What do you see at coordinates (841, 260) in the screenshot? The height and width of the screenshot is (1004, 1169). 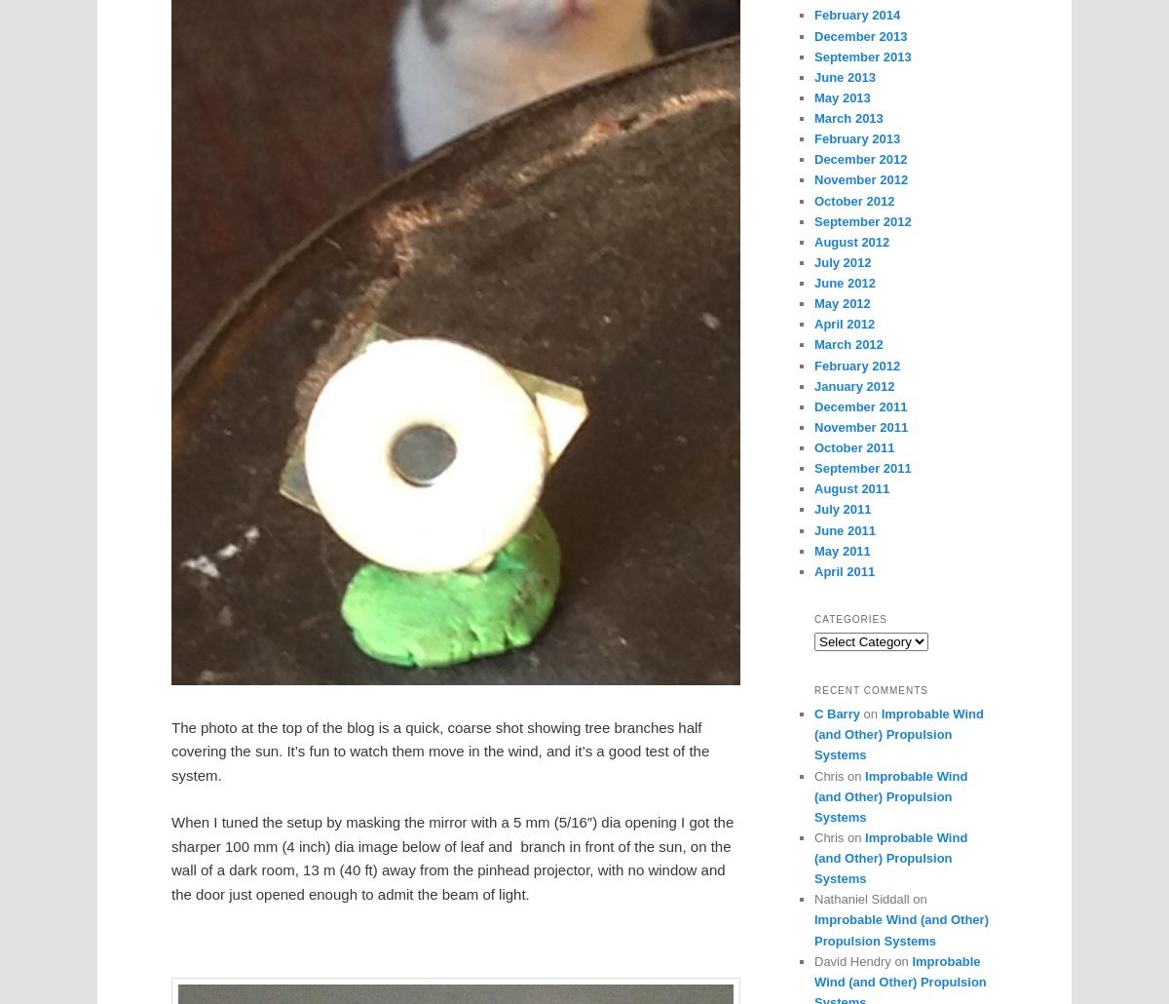 I see `'July 2012'` at bounding box center [841, 260].